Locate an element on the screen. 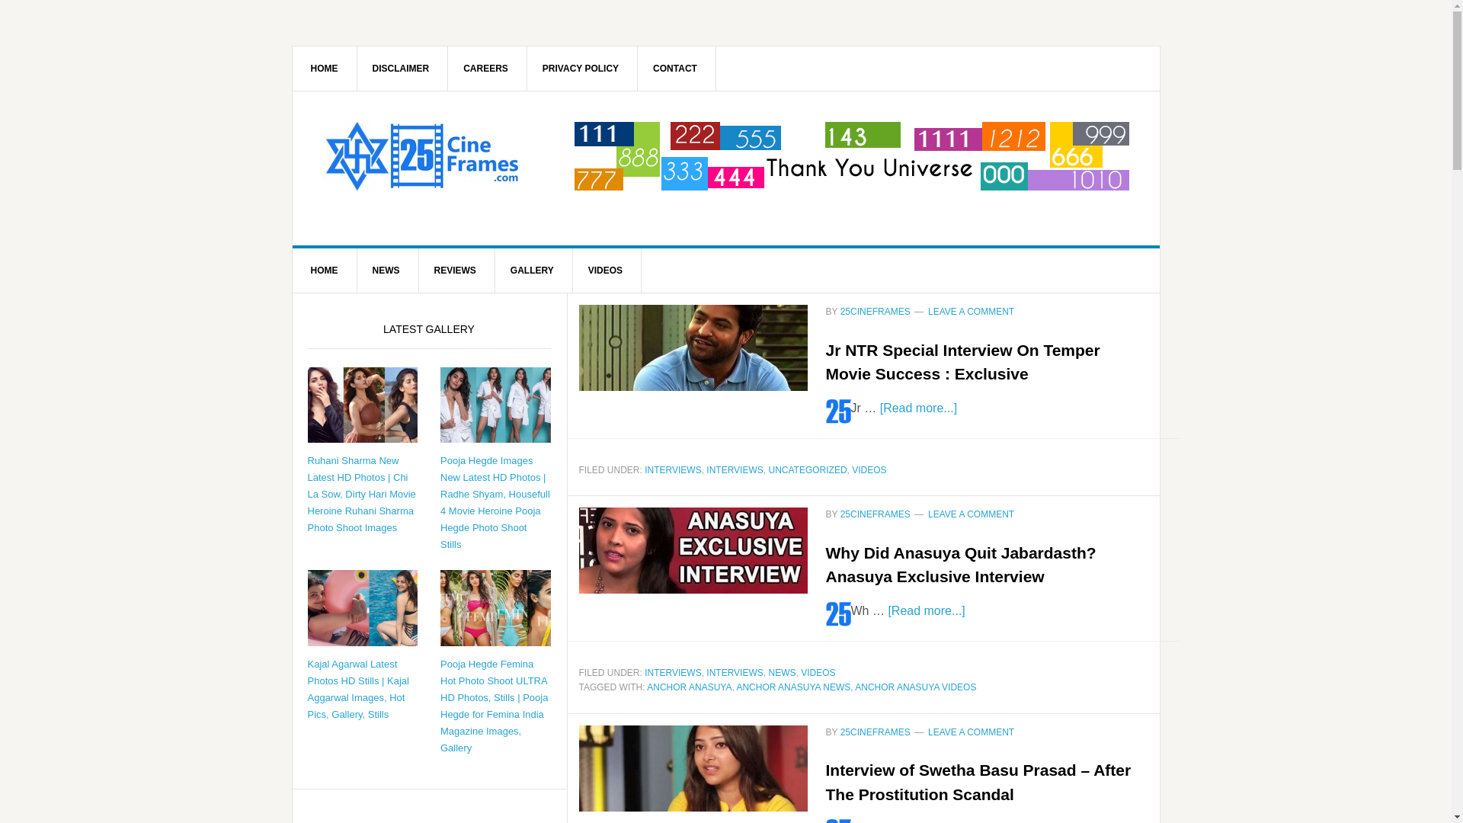 Image resolution: width=1463 pixels, height=823 pixels. 'INTERVIEWS' is located at coordinates (672, 469).